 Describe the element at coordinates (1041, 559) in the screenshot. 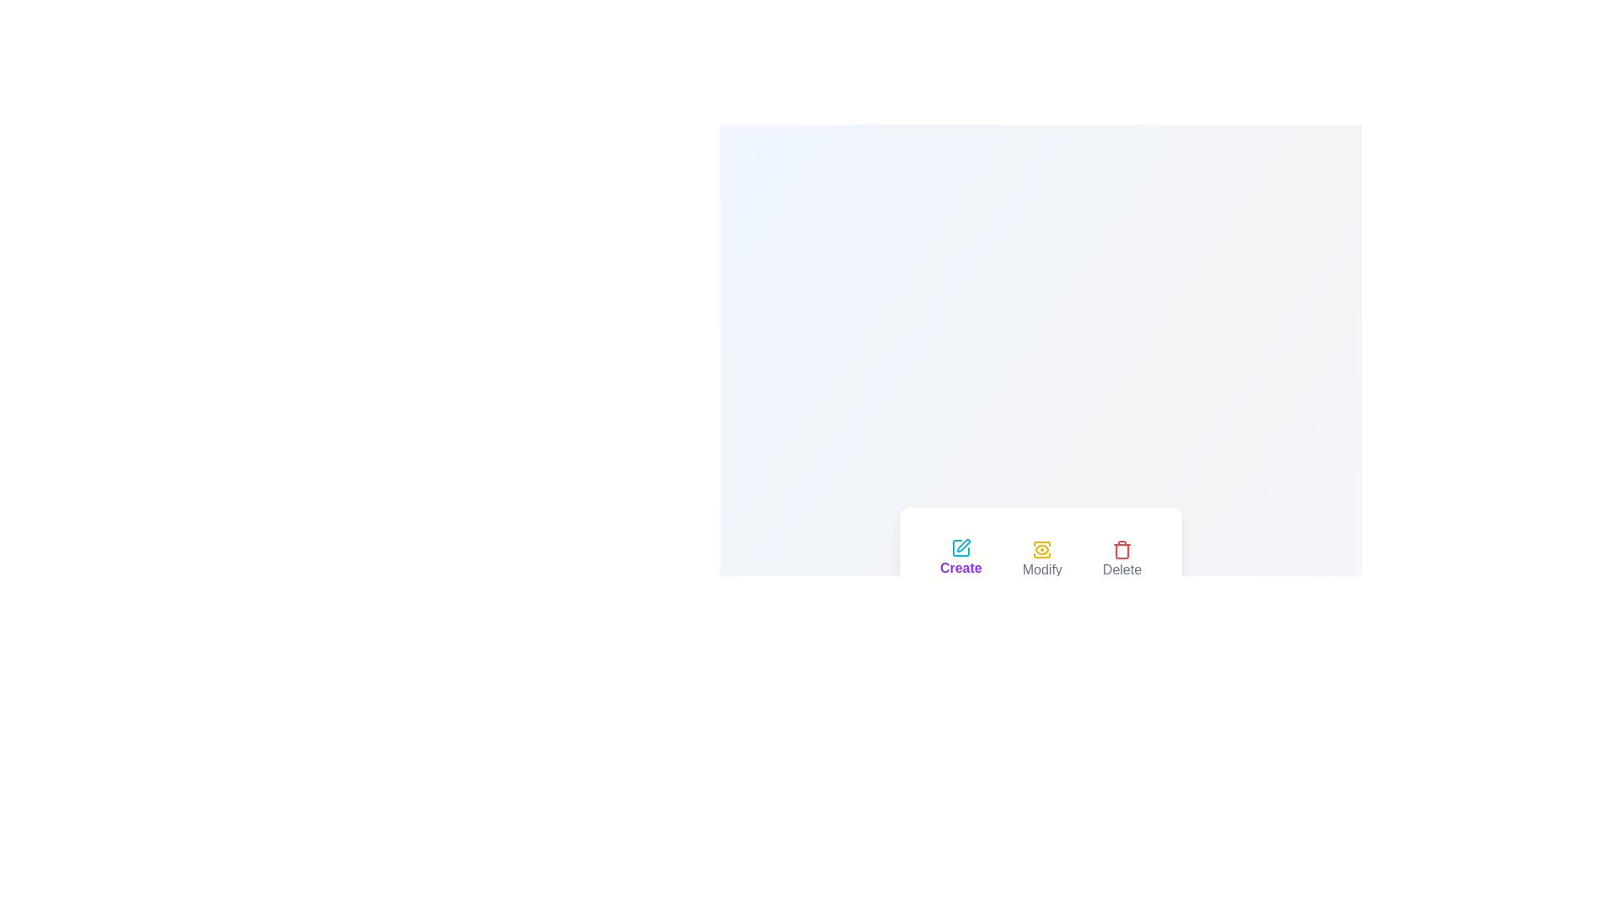

I see `the tab labeled Modify to observe its hover effect` at that location.